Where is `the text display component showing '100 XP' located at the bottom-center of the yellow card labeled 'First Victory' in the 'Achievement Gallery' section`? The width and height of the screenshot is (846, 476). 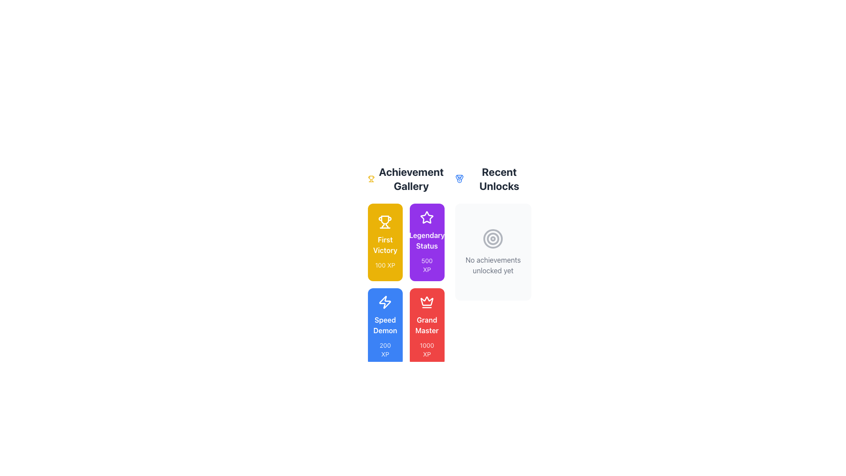
the text display component showing '100 XP' located at the bottom-center of the yellow card labeled 'First Victory' in the 'Achievement Gallery' section is located at coordinates (385, 264).